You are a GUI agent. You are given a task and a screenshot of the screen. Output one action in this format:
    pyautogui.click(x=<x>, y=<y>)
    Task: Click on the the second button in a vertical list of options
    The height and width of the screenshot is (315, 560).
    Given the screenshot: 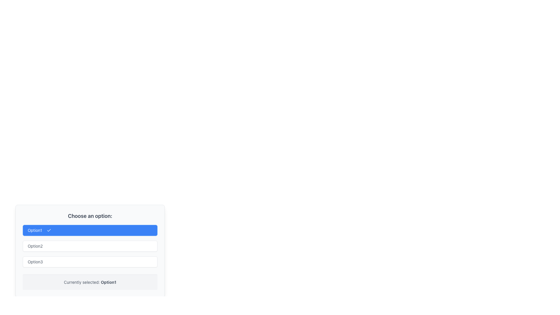 What is the action you would take?
    pyautogui.click(x=90, y=246)
    